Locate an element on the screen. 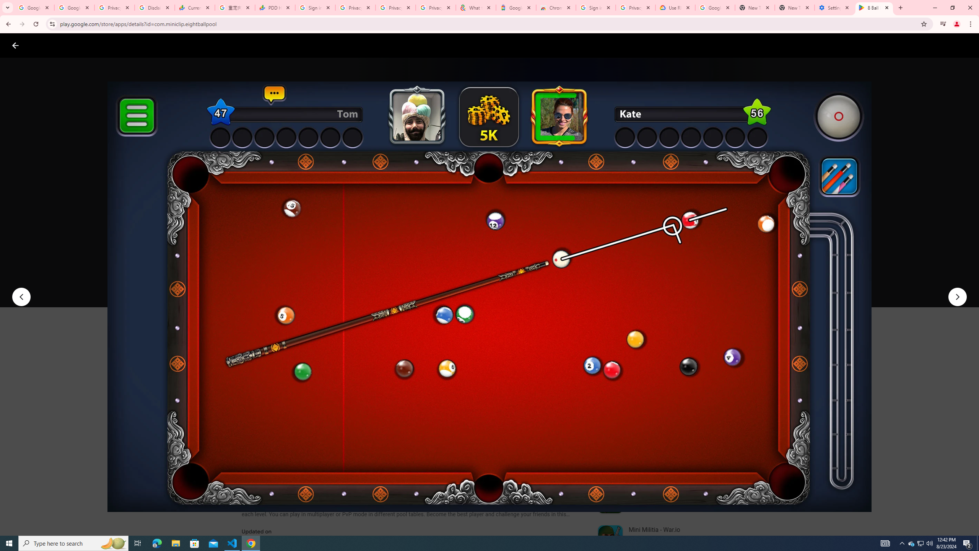 Image resolution: width=979 pixels, height=551 pixels. 'Currencies - Google Finance' is located at coordinates (195, 7).